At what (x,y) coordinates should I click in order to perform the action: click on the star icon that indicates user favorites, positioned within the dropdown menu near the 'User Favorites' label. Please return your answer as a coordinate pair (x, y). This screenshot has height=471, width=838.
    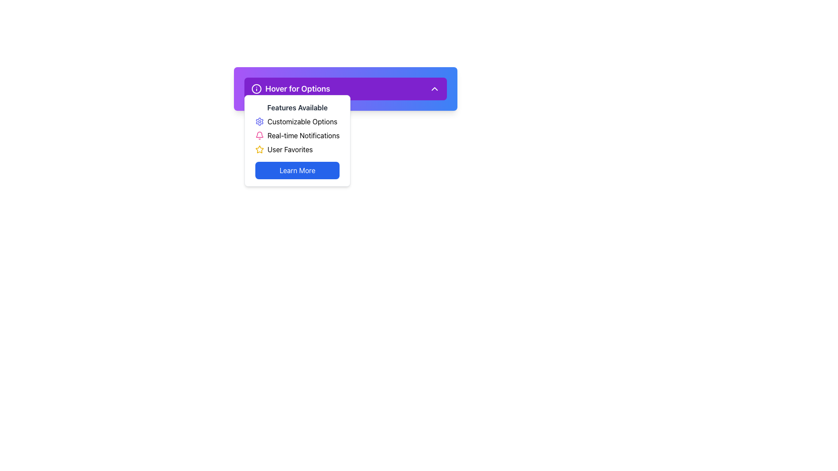
    Looking at the image, I should click on (259, 149).